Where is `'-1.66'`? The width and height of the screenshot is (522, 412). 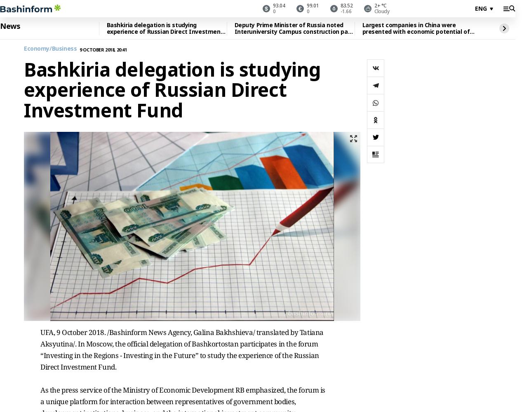
'-1.66' is located at coordinates (346, 11).